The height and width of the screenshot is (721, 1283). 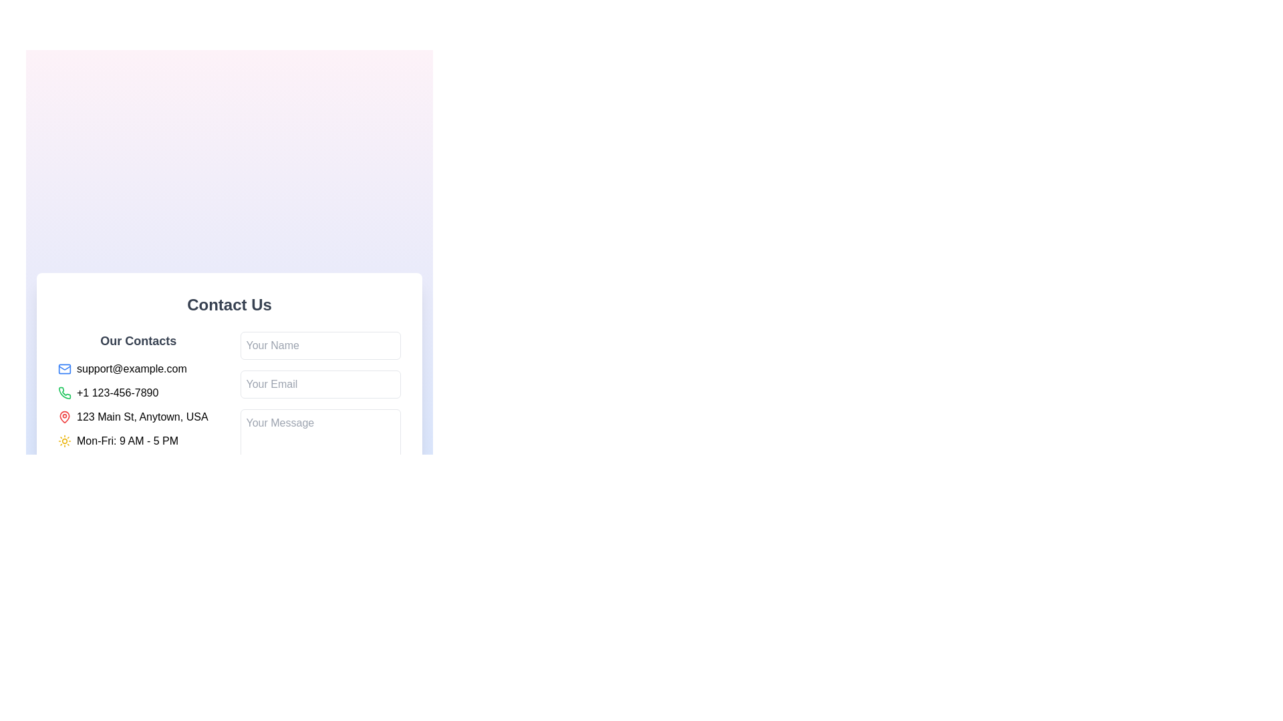 I want to click on operational hours displayed as 'Mon-Fri: 9 AM - 5 PM' alongside the bright yellow sun icon, located at the bottom of the contact details list in the 'Our Contacts' box, so click(x=138, y=441).